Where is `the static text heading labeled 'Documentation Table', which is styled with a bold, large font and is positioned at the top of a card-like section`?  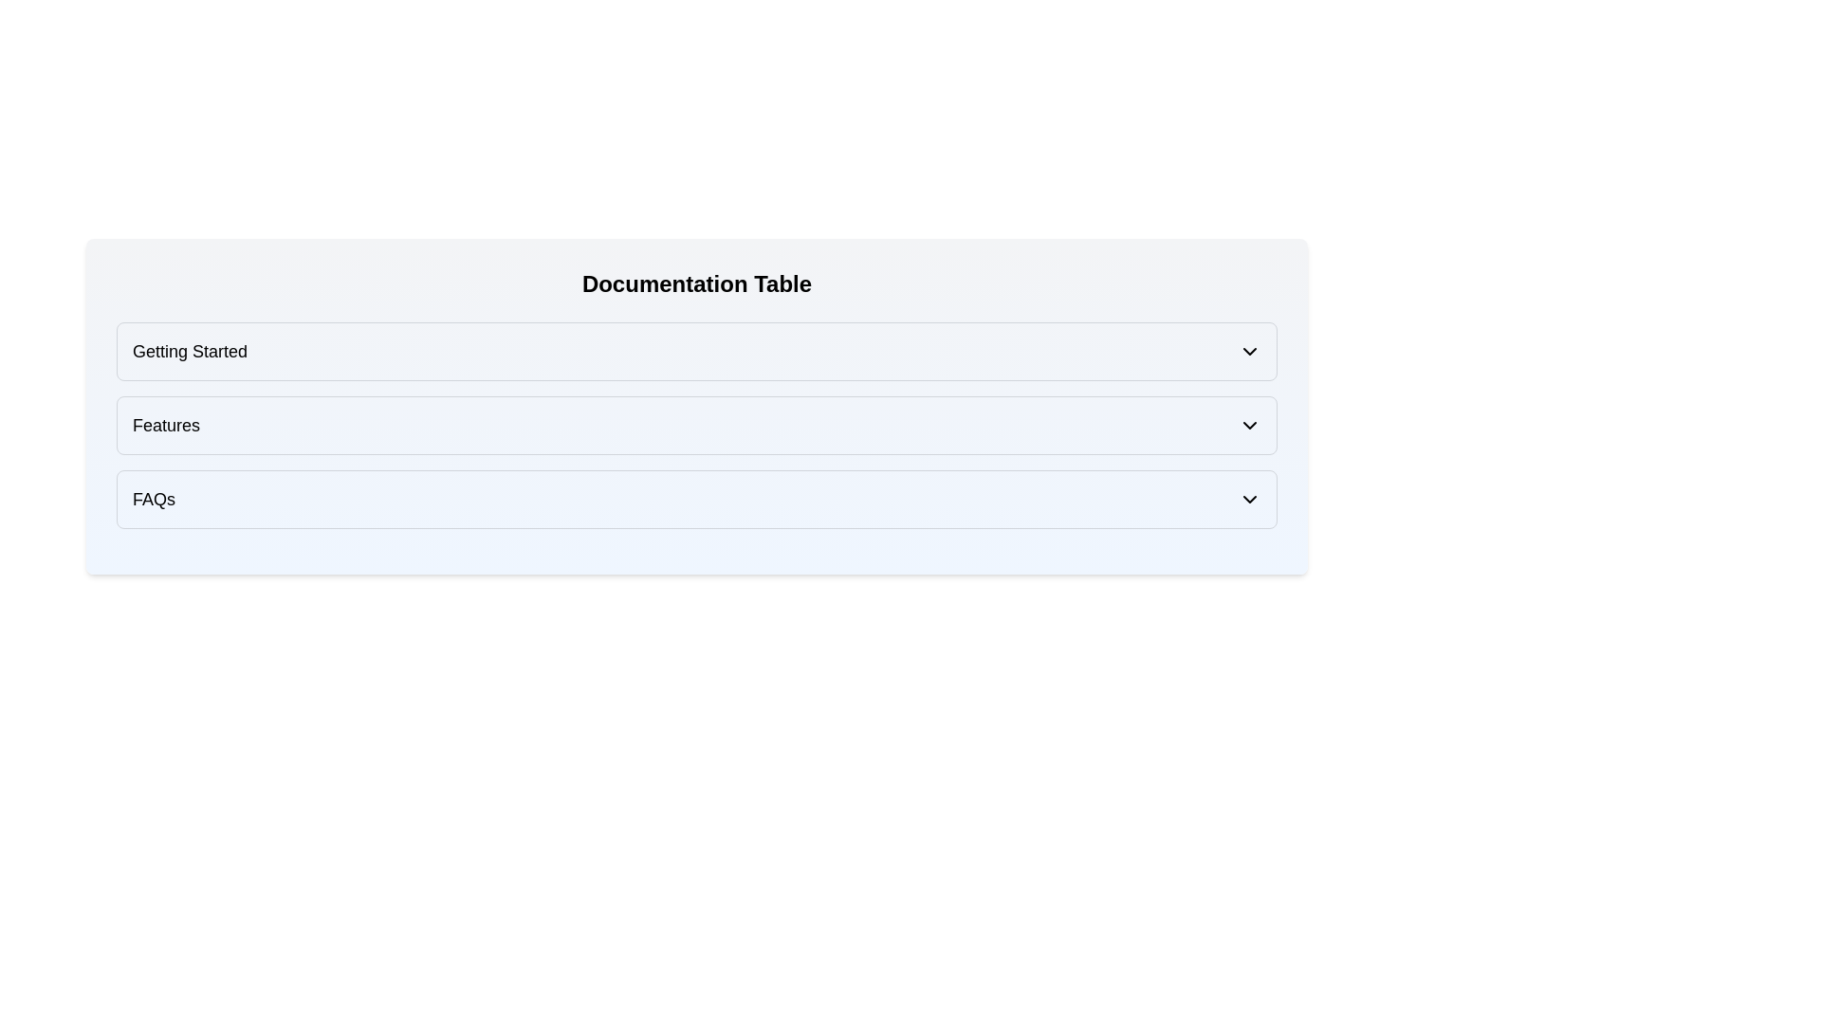 the static text heading labeled 'Documentation Table', which is styled with a bold, large font and is positioned at the top of a card-like section is located at coordinates (695, 284).